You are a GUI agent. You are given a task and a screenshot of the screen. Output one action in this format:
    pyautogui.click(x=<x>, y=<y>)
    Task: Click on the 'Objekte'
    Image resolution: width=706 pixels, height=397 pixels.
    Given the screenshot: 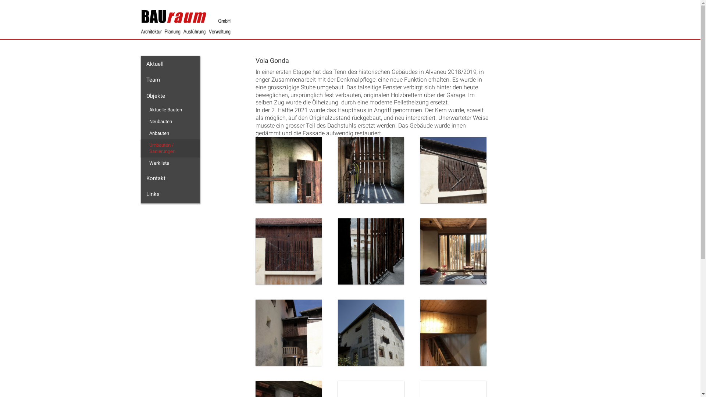 What is the action you would take?
    pyautogui.click(x=140, y=96)
    